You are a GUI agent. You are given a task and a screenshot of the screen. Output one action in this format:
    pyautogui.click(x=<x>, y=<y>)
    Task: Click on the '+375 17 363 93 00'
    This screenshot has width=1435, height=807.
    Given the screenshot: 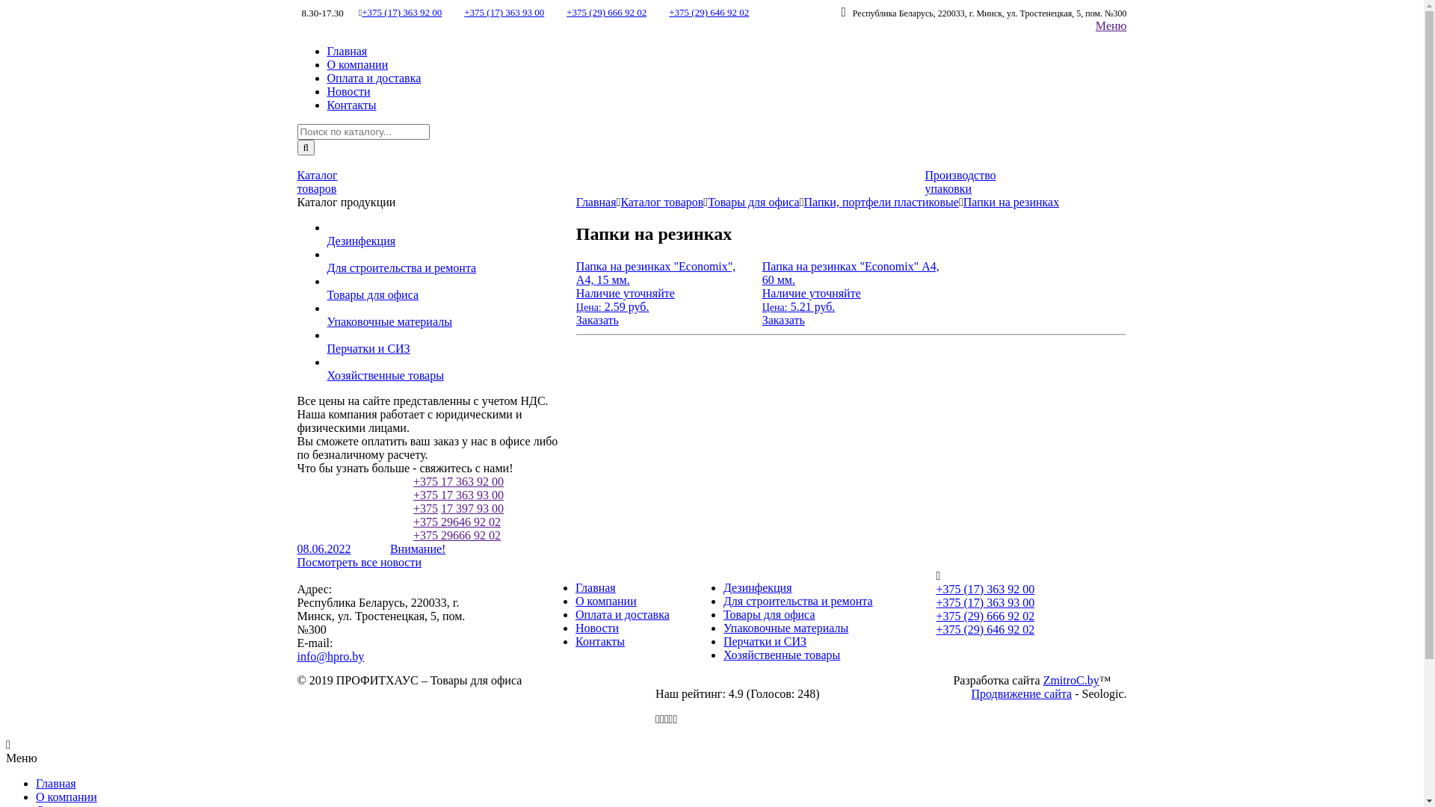 What is the action you would take?
    pyautogui.click(x=457, y=495)
    